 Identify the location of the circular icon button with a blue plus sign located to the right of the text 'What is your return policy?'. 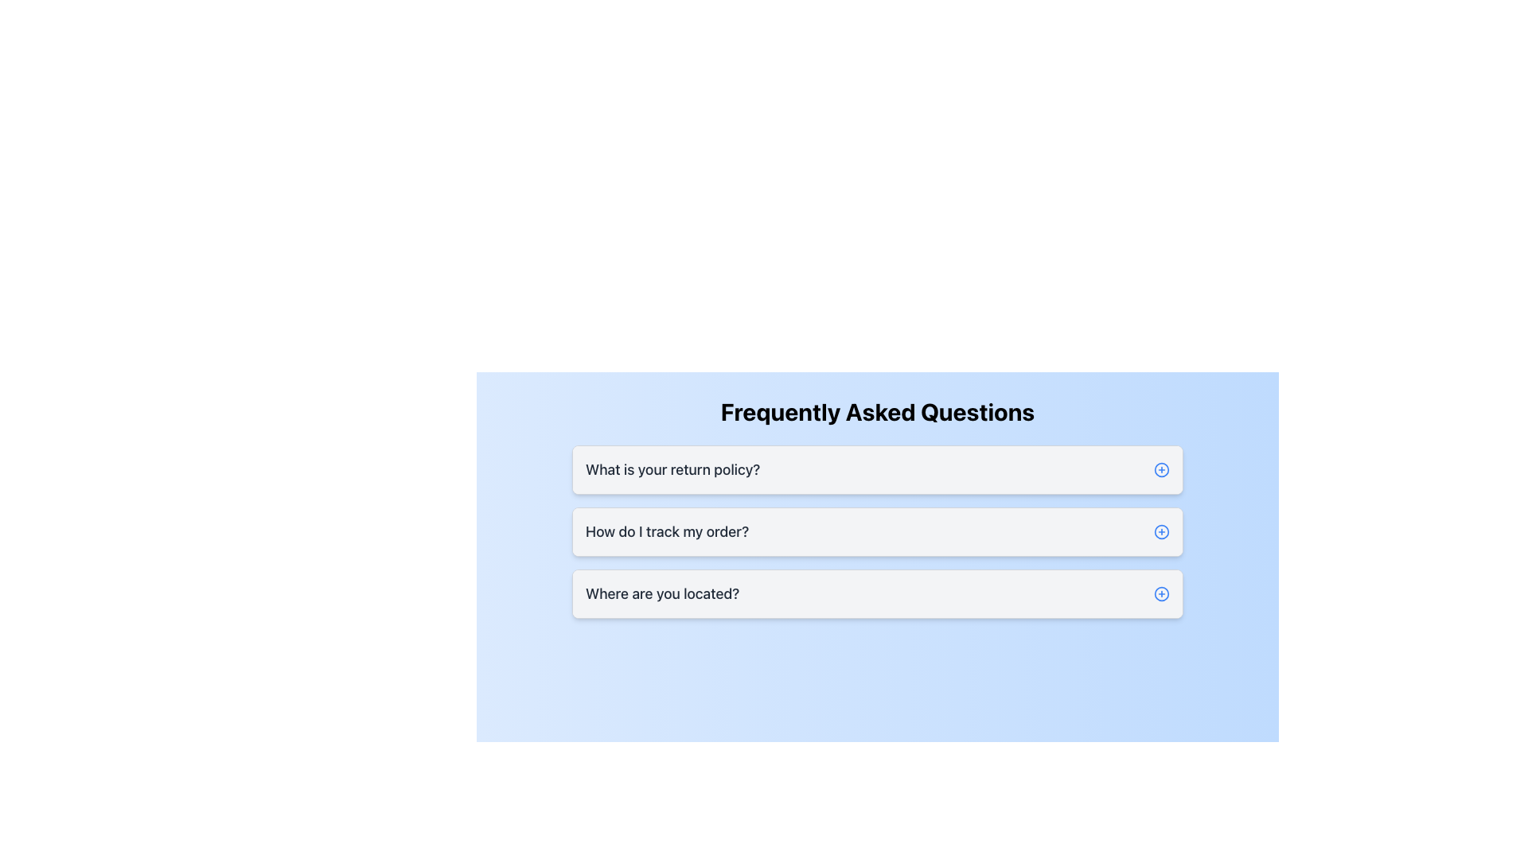
(1161, 468).